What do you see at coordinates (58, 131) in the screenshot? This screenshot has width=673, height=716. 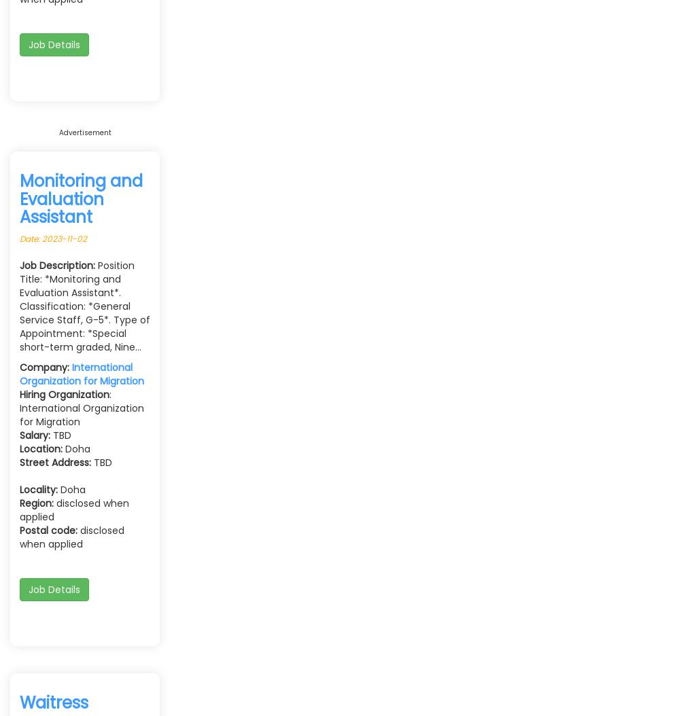 I see `'Advertisement'` at bounding box center [58, 131].